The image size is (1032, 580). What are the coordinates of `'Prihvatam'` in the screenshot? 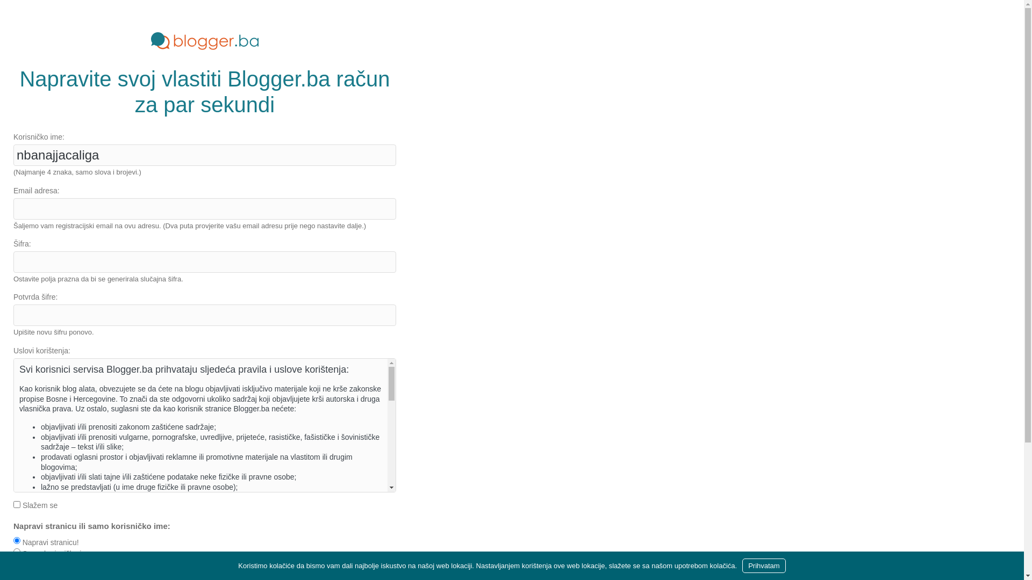 It's located at (763, 565).